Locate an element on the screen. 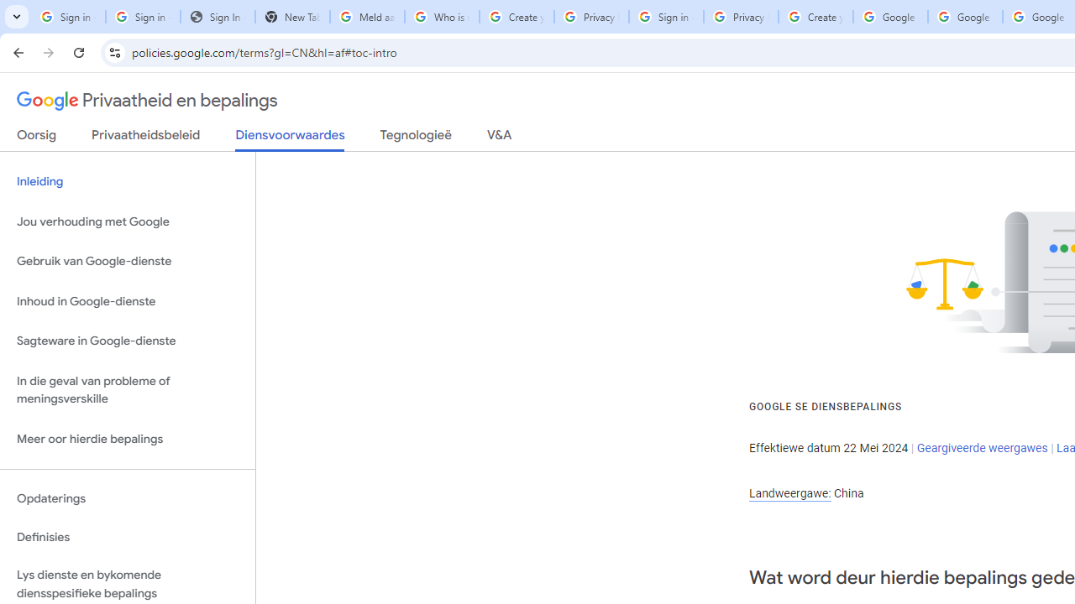 The image size is (1075, 604). 'Sagteware in Google-dienste' is located at coordinates (127, 341).